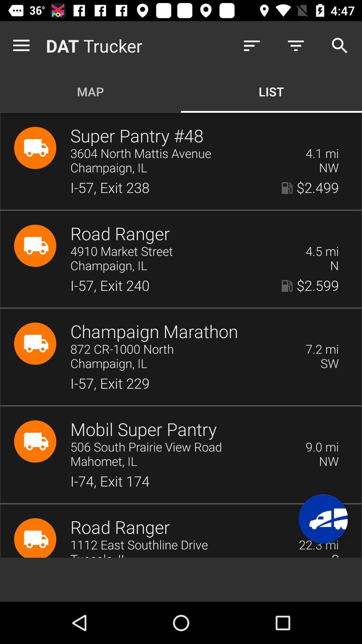 This screenshot has height=644, width=362. What do you see at coordinates (183, 349) in the screenshot?
I see `the icon to the left of 7.2 mi icon` at bounding box center [183, 349].